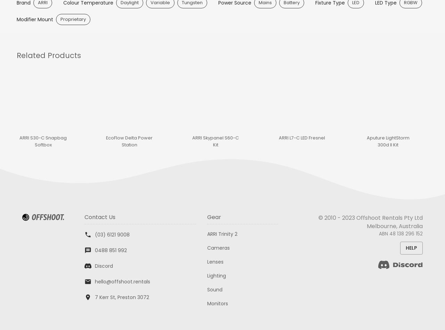 The image size is (445, 330). Describe the element at coordinates (348, 217) in the screenshot. I see `'2023'` at that location.